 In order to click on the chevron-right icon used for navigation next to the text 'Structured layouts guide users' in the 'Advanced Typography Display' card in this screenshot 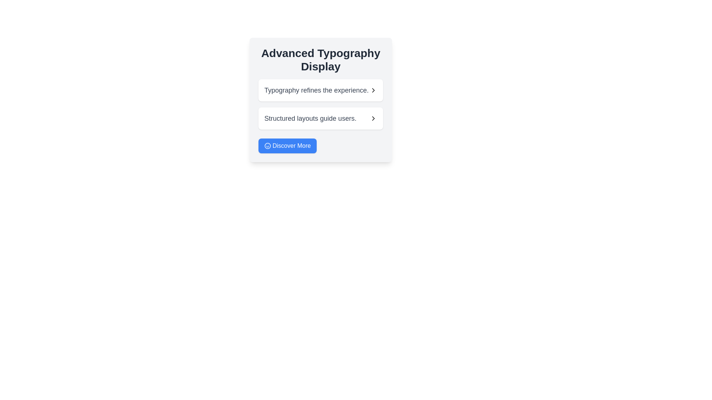, I will do `click(373, 90)`.